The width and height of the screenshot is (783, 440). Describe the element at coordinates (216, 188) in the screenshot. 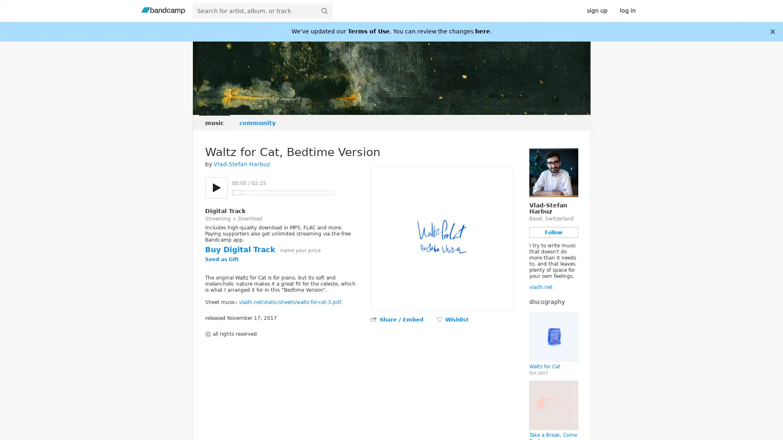

I see `Play/pause` at that location.